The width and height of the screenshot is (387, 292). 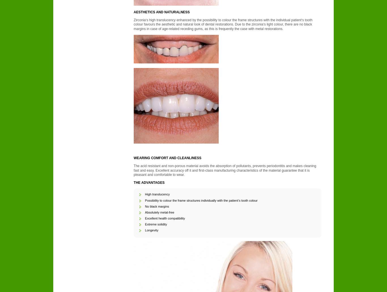 What do you see at coordinates (156, 224) in the screenshot?
I see `'Extreme solidity'` at bounding box center [156, 224].